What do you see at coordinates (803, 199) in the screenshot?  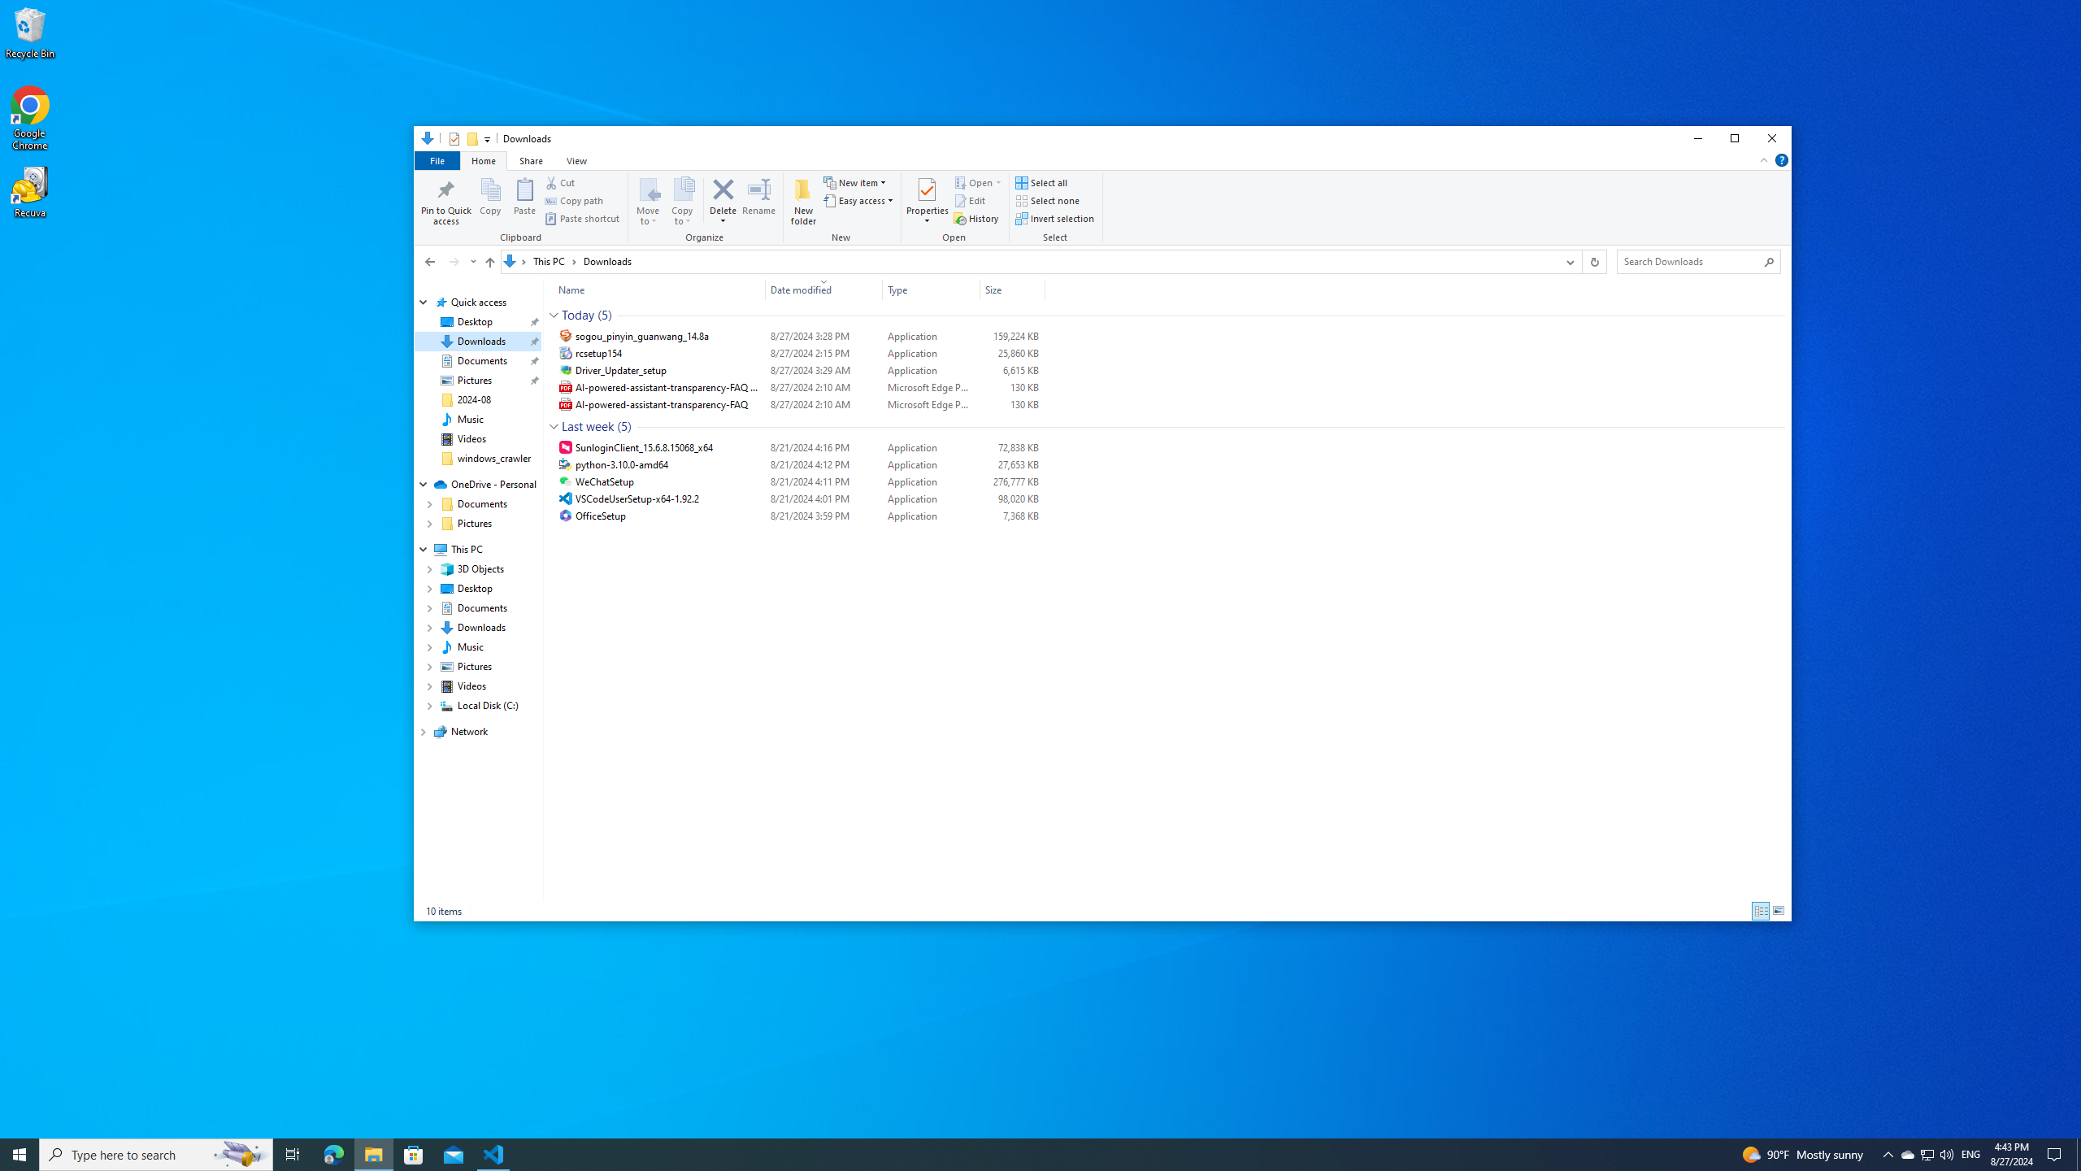 I see `'New folder'` at bounding box center [803, 199].